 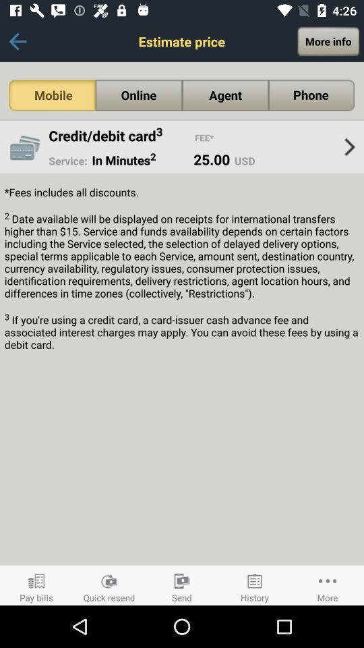 What do you see at coordinates (212, 159) in the screenshot?
I see `app to the right of the in minutes2 item` at bounding box center [212, 159].